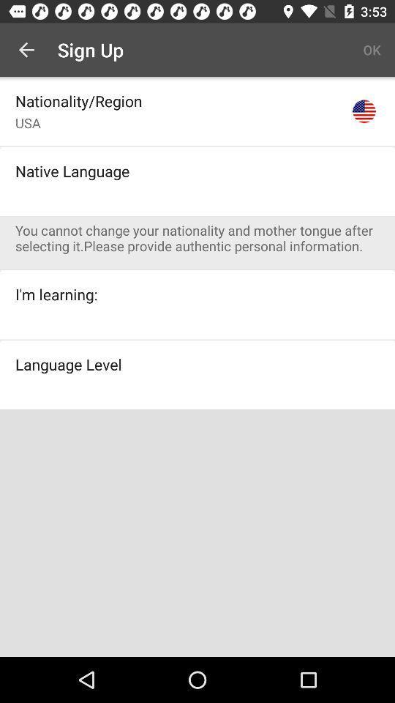 The height and width of the screenshot is (703, 395). What do you see at coordinates (56, 294) in the screenshot?
I see `the i'm learning:` at bounding box center [56, 294].